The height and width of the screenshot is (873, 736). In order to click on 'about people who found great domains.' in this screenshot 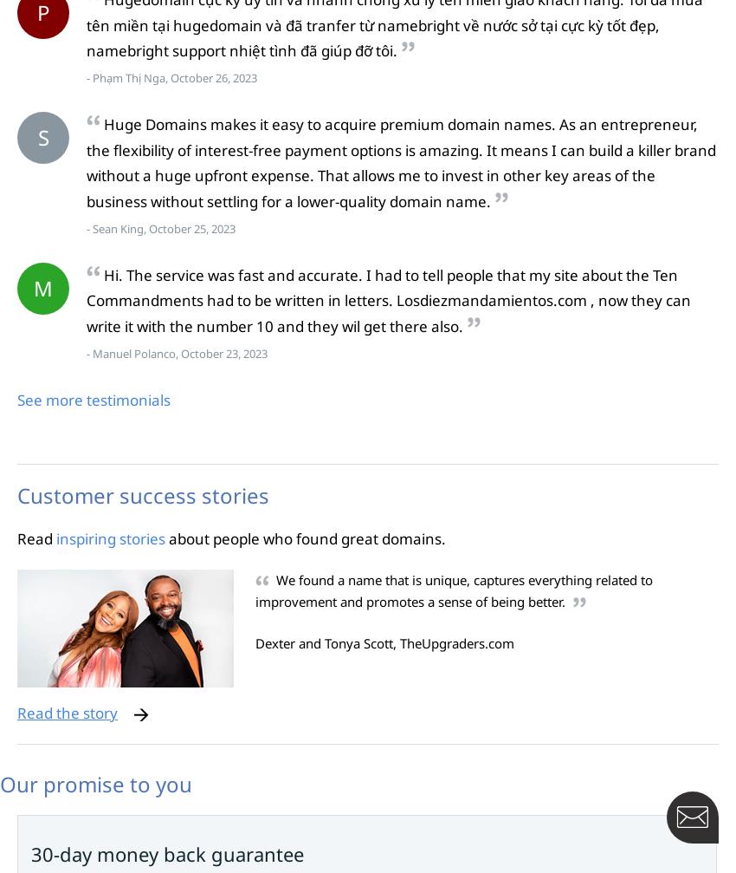, I will do `click(164, 537)`.